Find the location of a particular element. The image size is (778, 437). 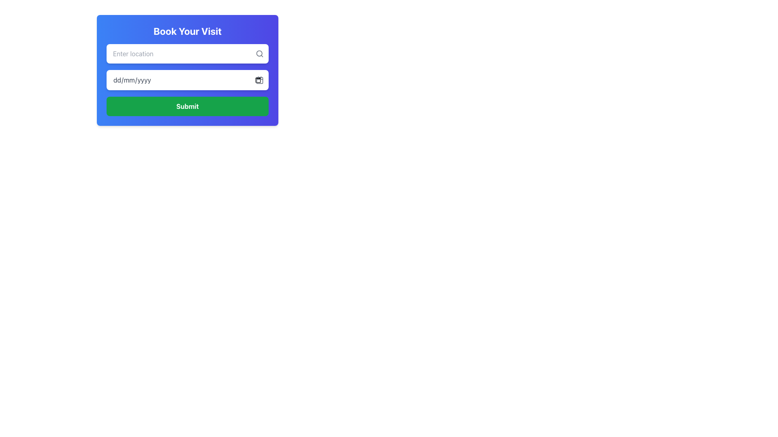

the small circular magnifying glass icon, which is located at the far right end of the 'Enter location' input field, positioned above the date input field and submit button is located at coordinates (259, 53).